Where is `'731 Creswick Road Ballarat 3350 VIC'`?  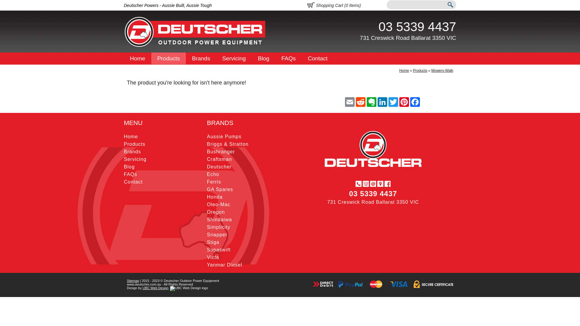
'731 Creswick Road Ballarat 3350 VIC' is located at coordinates (408, 38).